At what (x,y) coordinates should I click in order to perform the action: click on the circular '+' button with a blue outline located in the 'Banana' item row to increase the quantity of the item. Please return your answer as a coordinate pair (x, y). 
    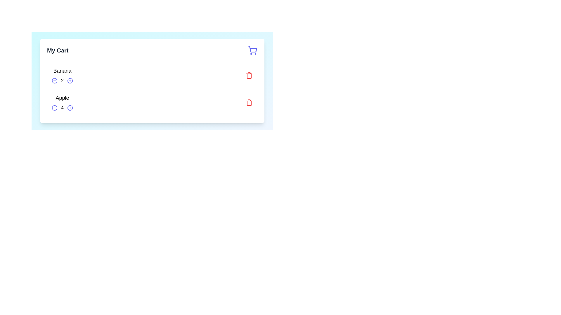
    Looking at the image, I should click on (70, 81).